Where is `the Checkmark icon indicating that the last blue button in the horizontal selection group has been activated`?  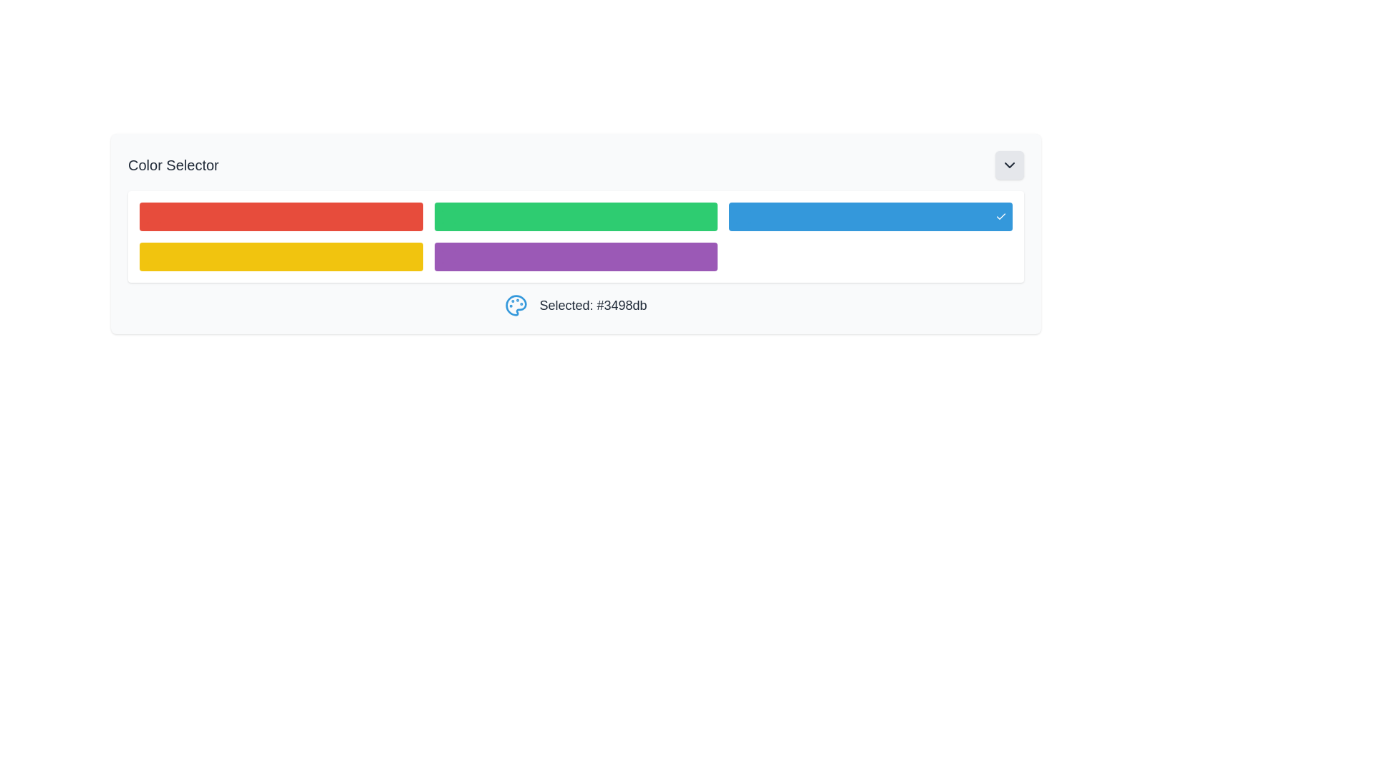
the Checkmark icon indicating that the last blue button in the horizontal selection group has been activated is located at coordinates (1000, 217).